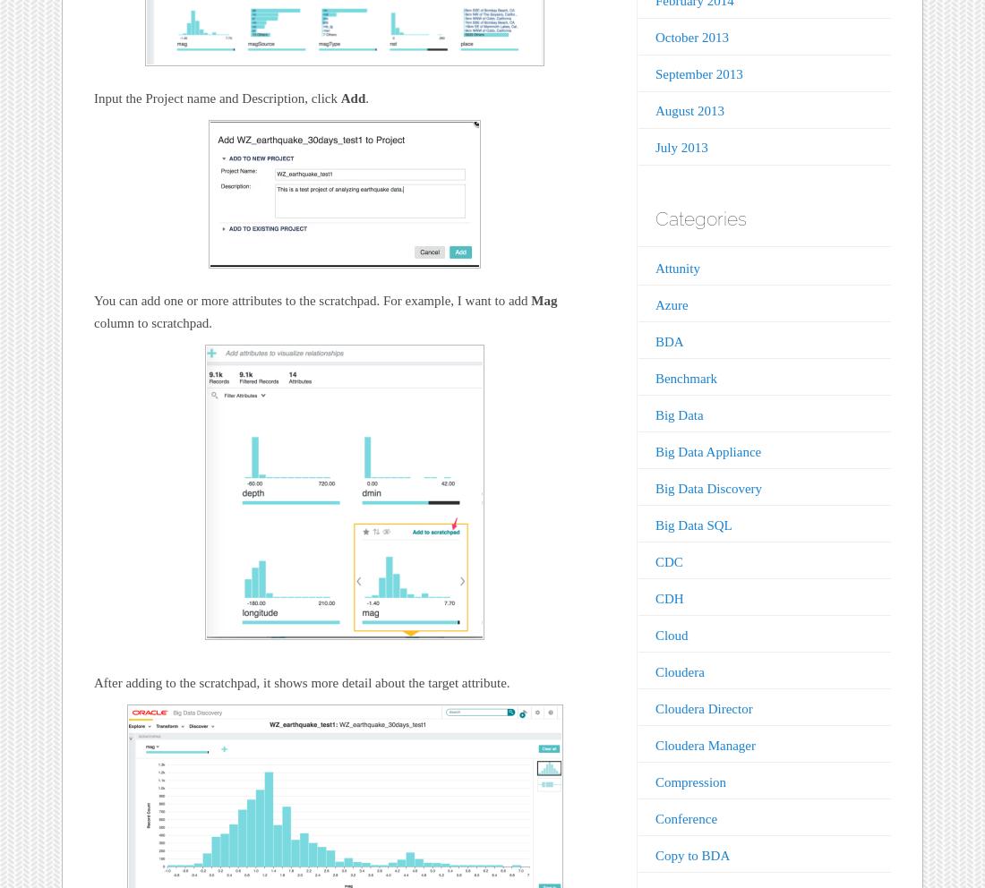 This screenshot has height=888, width=985. What do you see at coordinates (366, 97) in the screenshot?
I see `'.'` at bounding box center [366, 97].